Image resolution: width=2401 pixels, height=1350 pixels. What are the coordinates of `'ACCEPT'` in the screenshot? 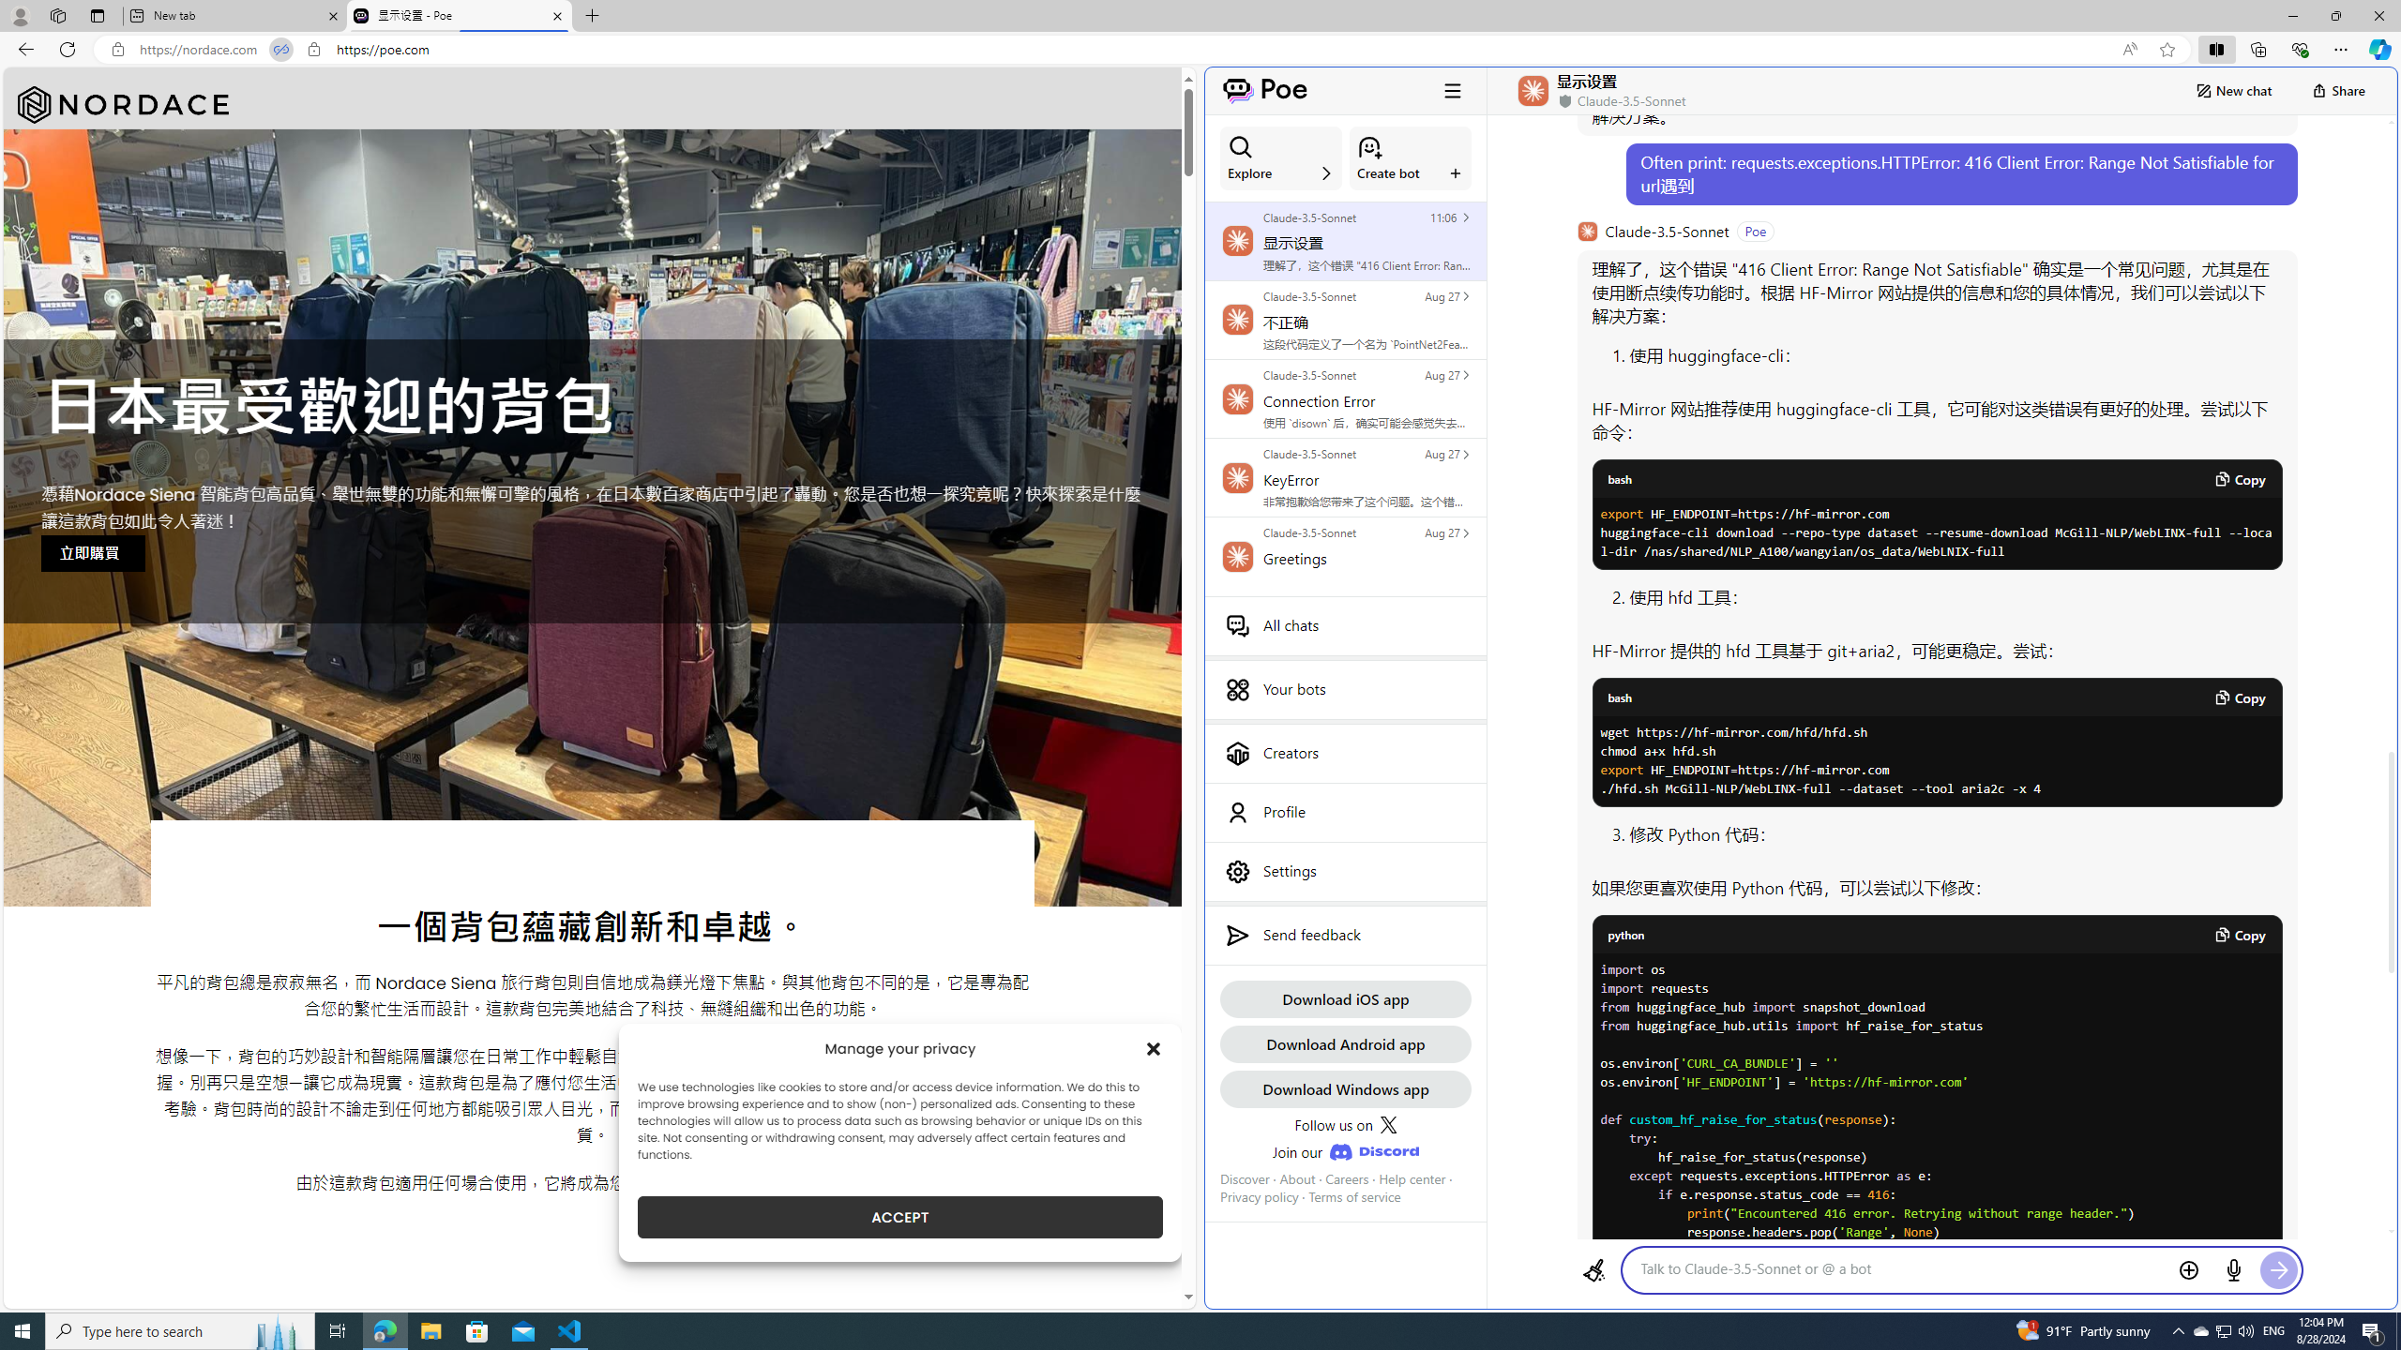 It's located at (899, 1217).